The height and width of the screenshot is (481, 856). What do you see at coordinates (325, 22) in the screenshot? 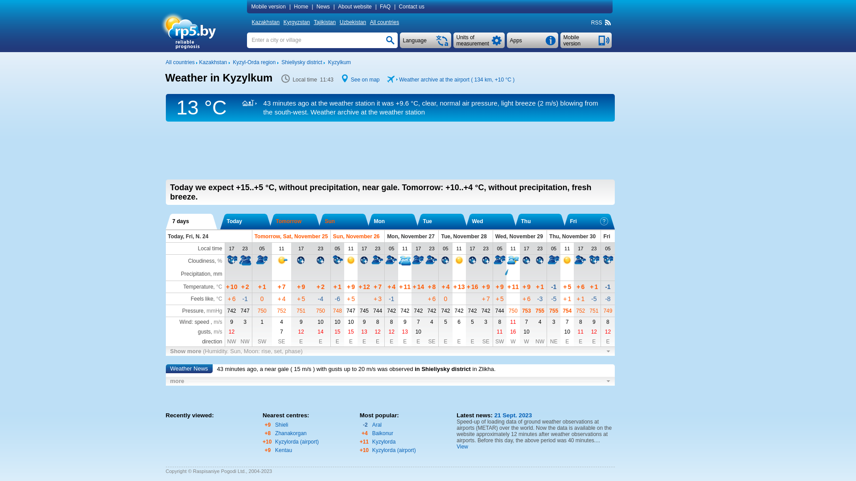
I see `'Tajikistan'` at bounding box center [325, 22].